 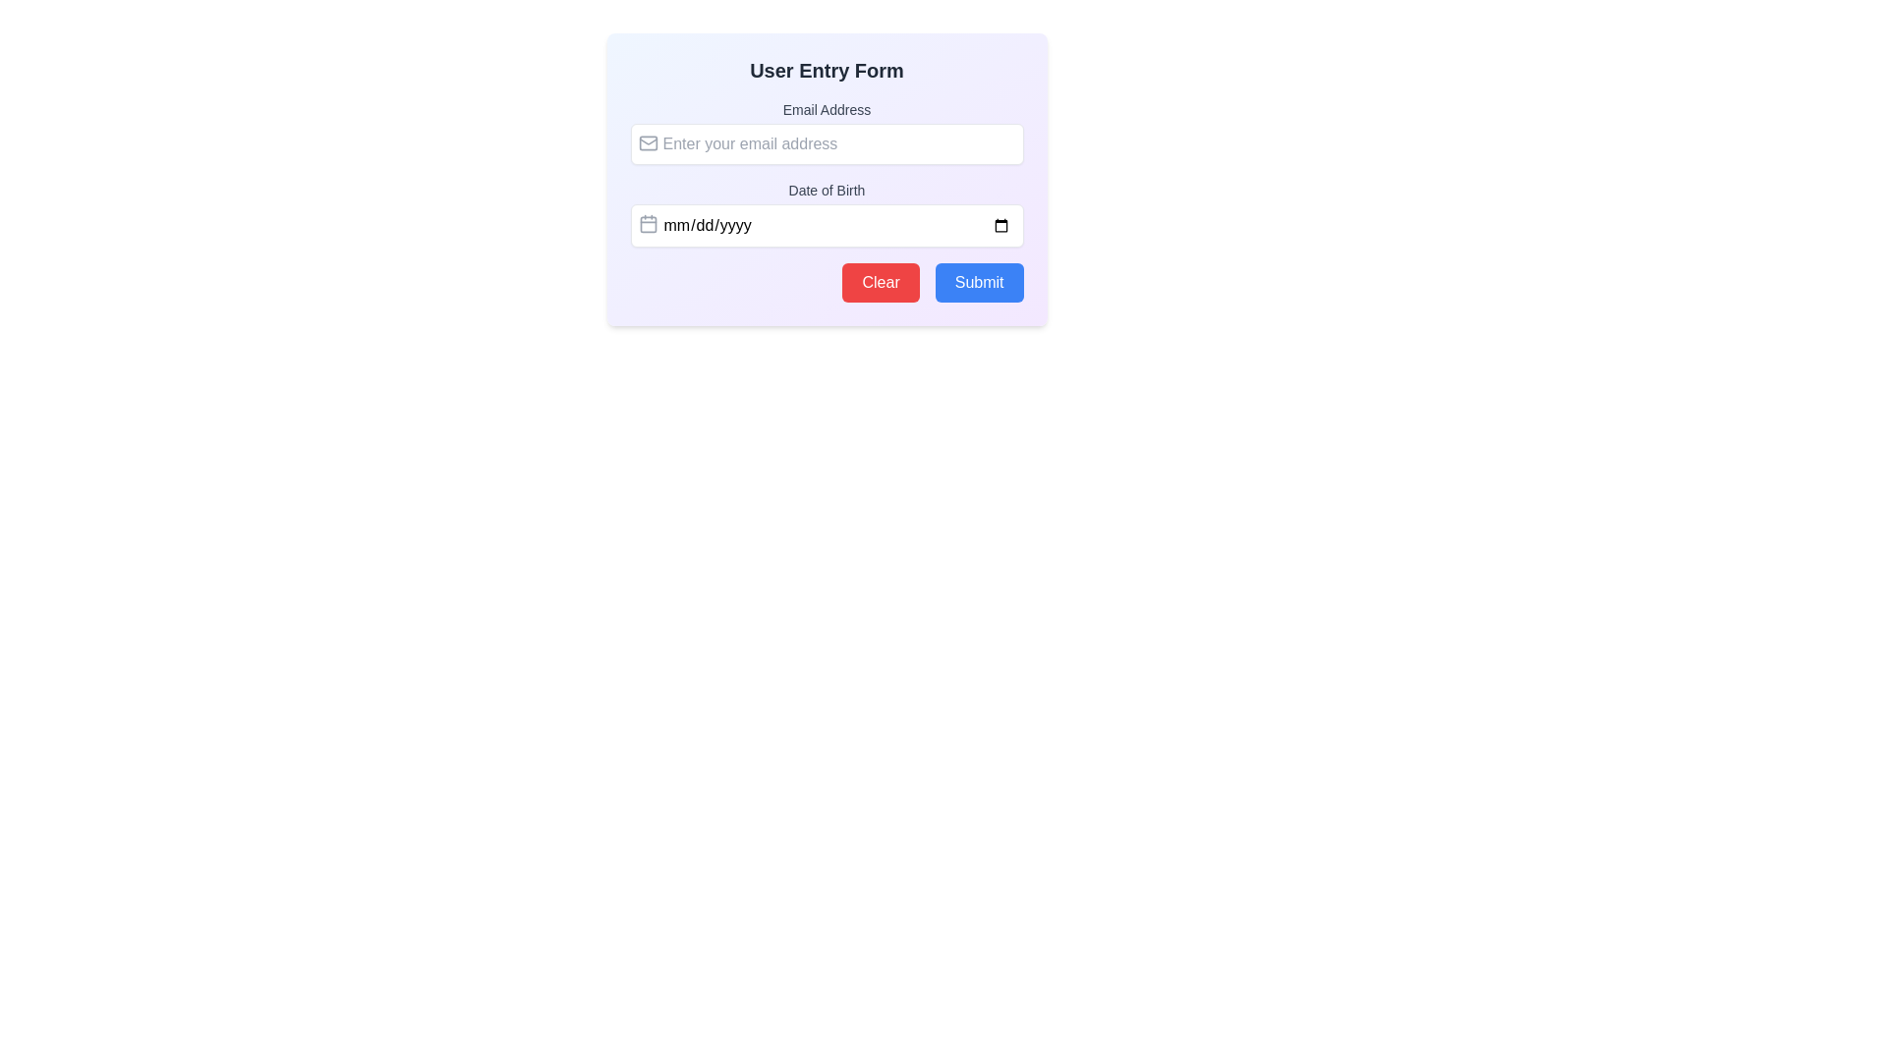 I want to click on the static text label that serves as the title or heading of the form, which is centrally aligned above the 'Email Address' field, so click(x=827, y=70).